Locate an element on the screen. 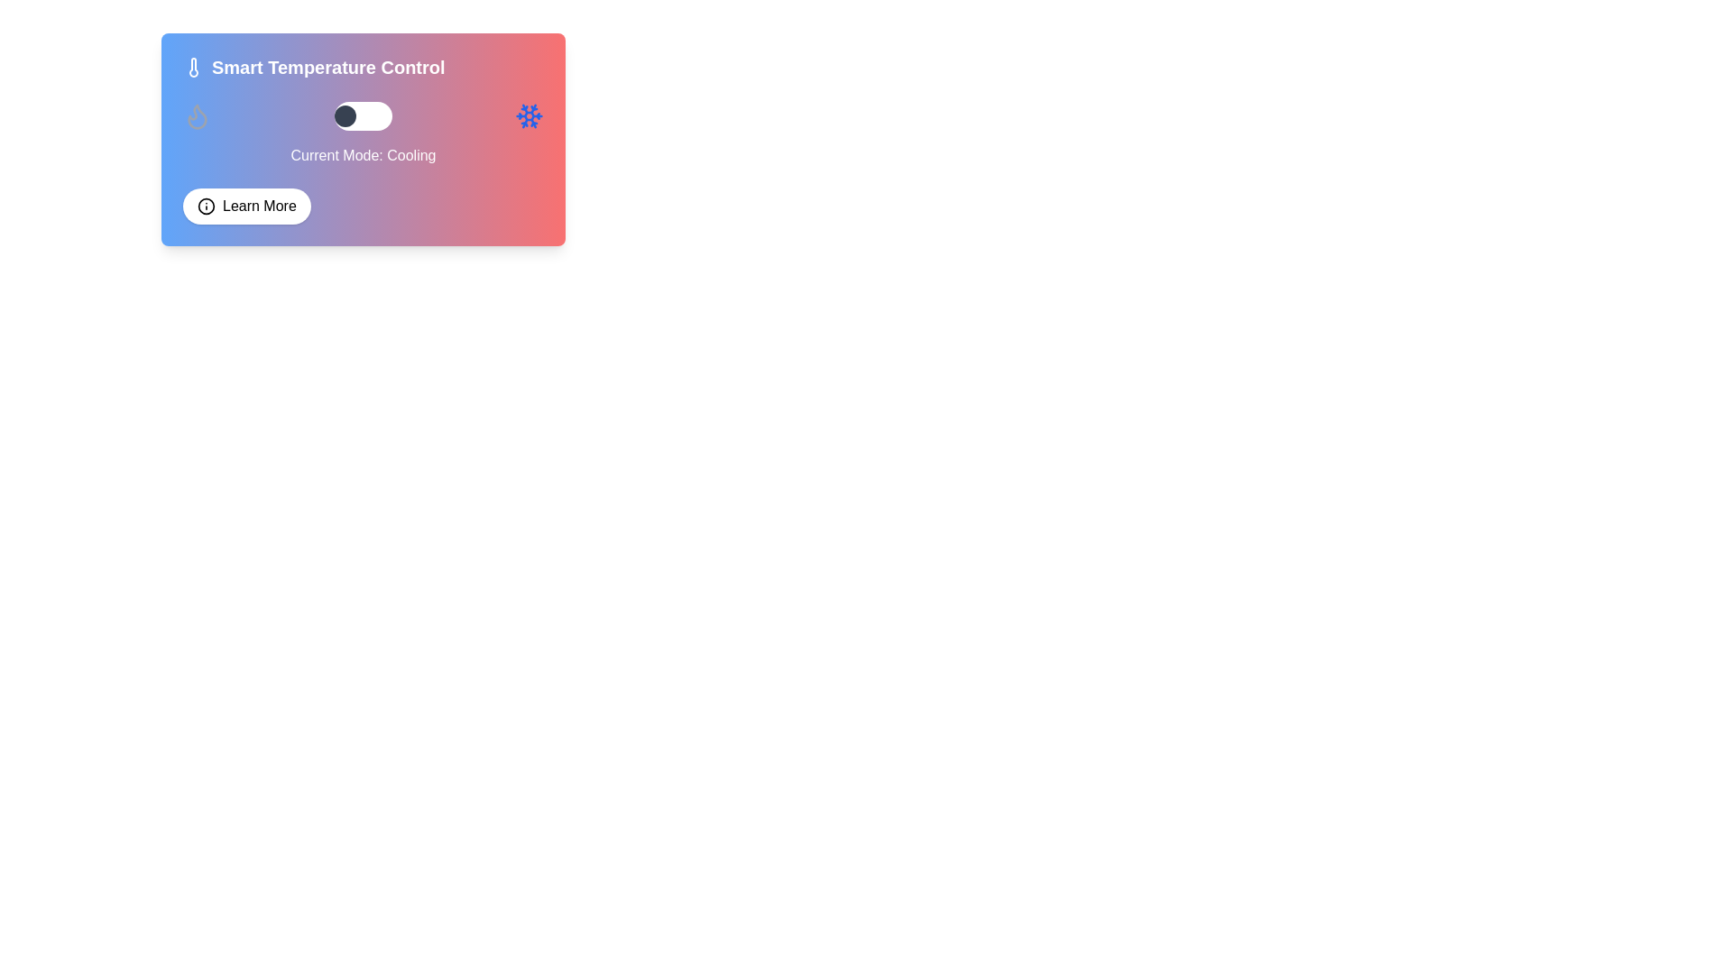 This screenshot has width=1732, height=974. the button located at the bottom-left of the card component that provides access to further information about the represented topic, ensuring keyboard accessibility is located at coordinates (245, 205).